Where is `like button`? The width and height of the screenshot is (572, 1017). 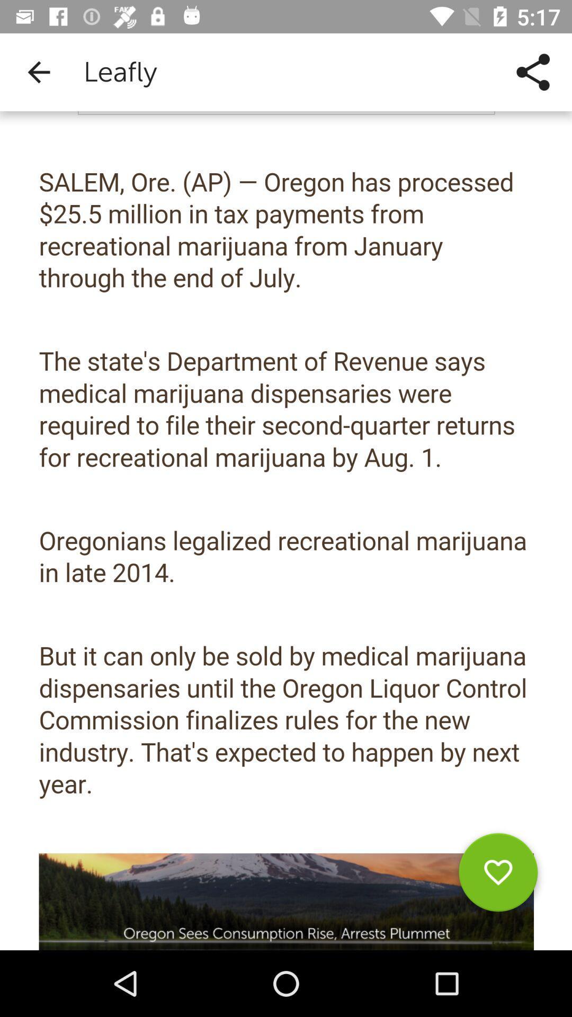
like button is located at coordinates (498, 876).